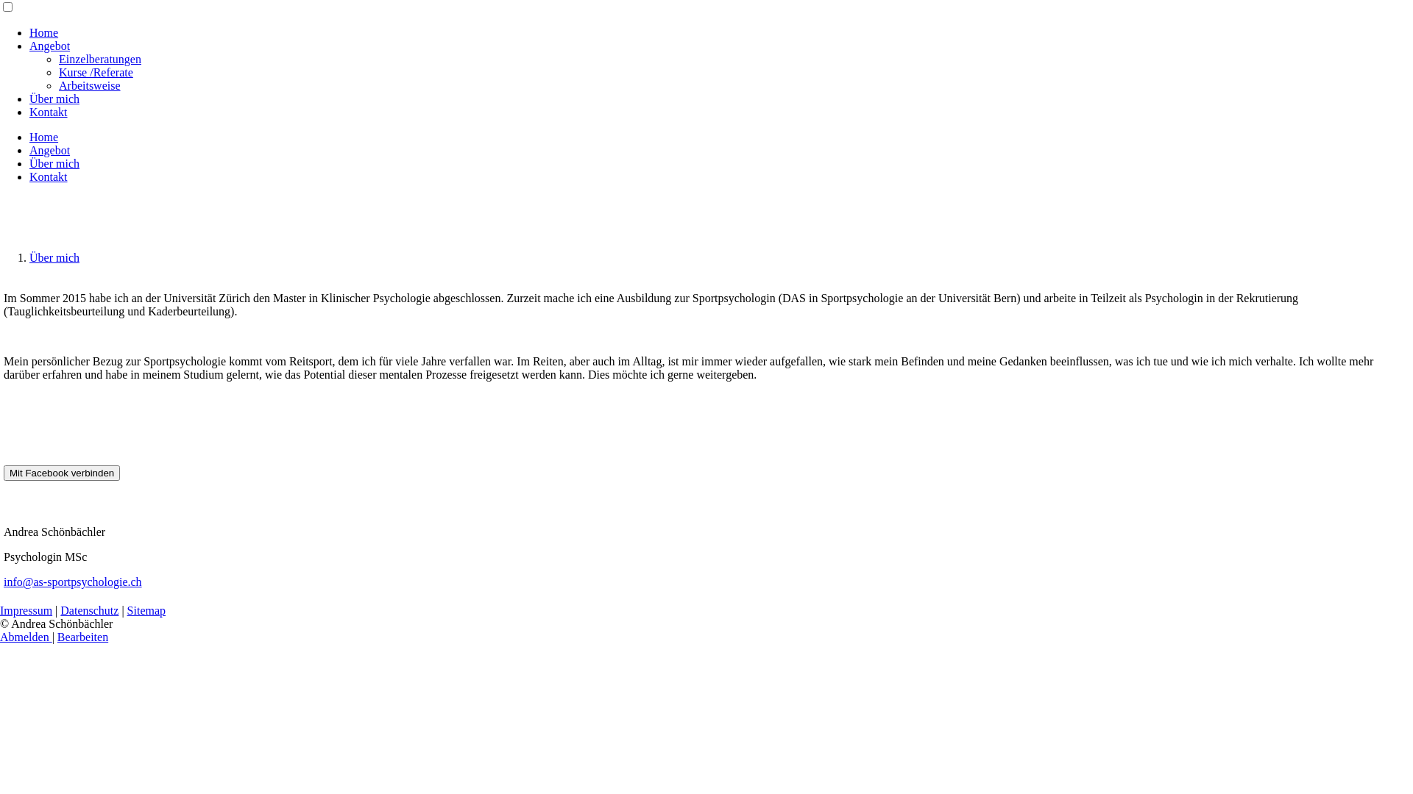 The width and height of the screenshot is (1413, 794). Describe the element at coordinates (88, 610) in the screenshot. I see `'Datenschutz'` at that location.